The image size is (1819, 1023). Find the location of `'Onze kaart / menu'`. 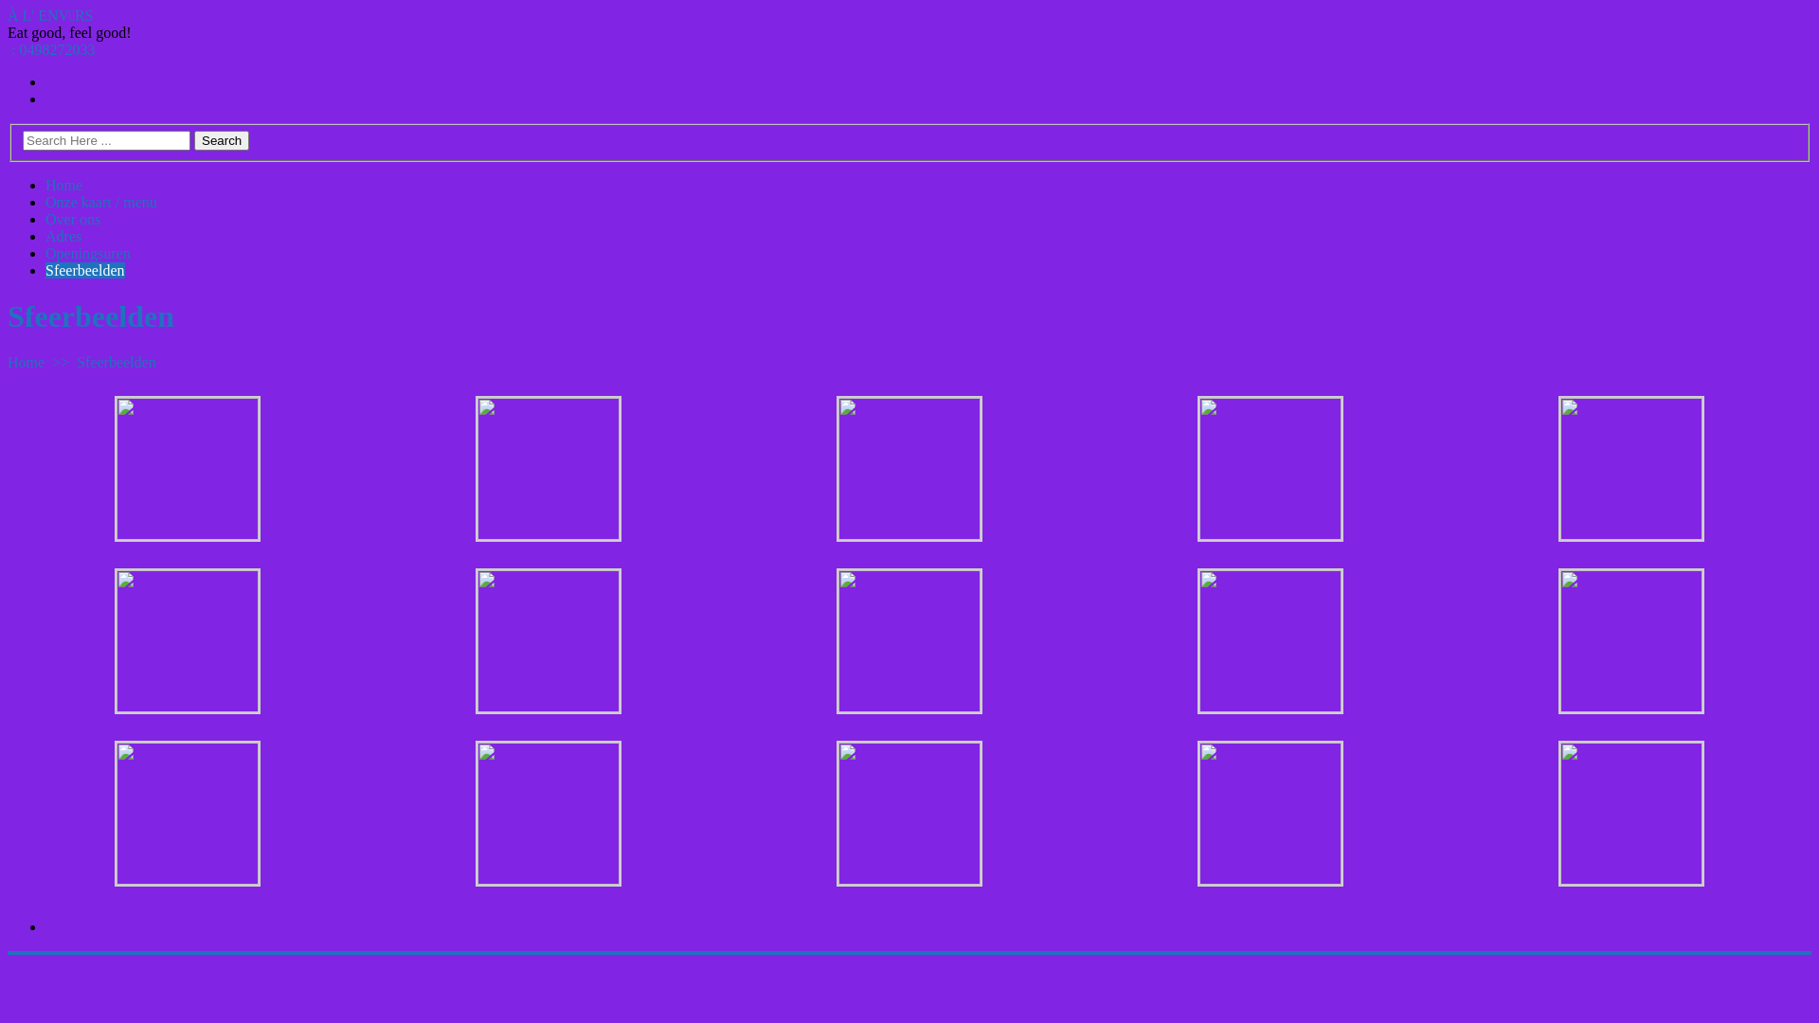

'Onze kaart / menu' is located at coordinates (45, 202).